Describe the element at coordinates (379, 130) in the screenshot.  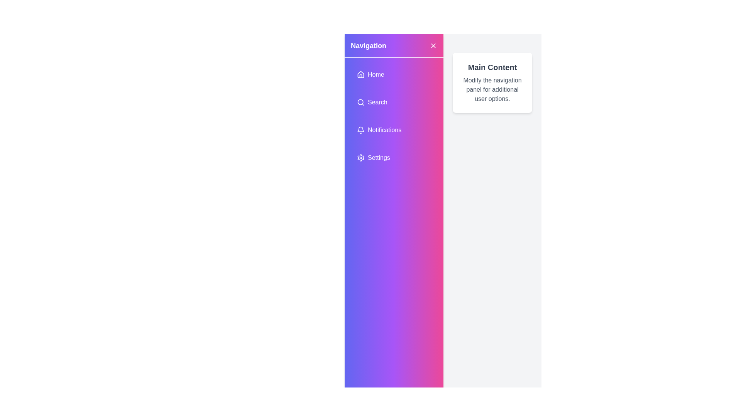
I see `the navigation button located as the third item in the vertical menu of the left sidebar` at that location.